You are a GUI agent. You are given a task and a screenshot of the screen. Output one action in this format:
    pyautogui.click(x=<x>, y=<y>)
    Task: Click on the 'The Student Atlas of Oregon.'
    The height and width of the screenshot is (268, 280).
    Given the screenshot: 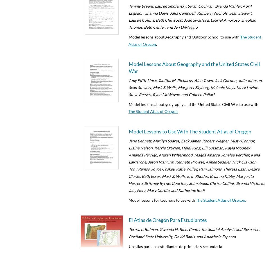 What is the action you would take?
    pyautogui.click(x=221, y=200)
    